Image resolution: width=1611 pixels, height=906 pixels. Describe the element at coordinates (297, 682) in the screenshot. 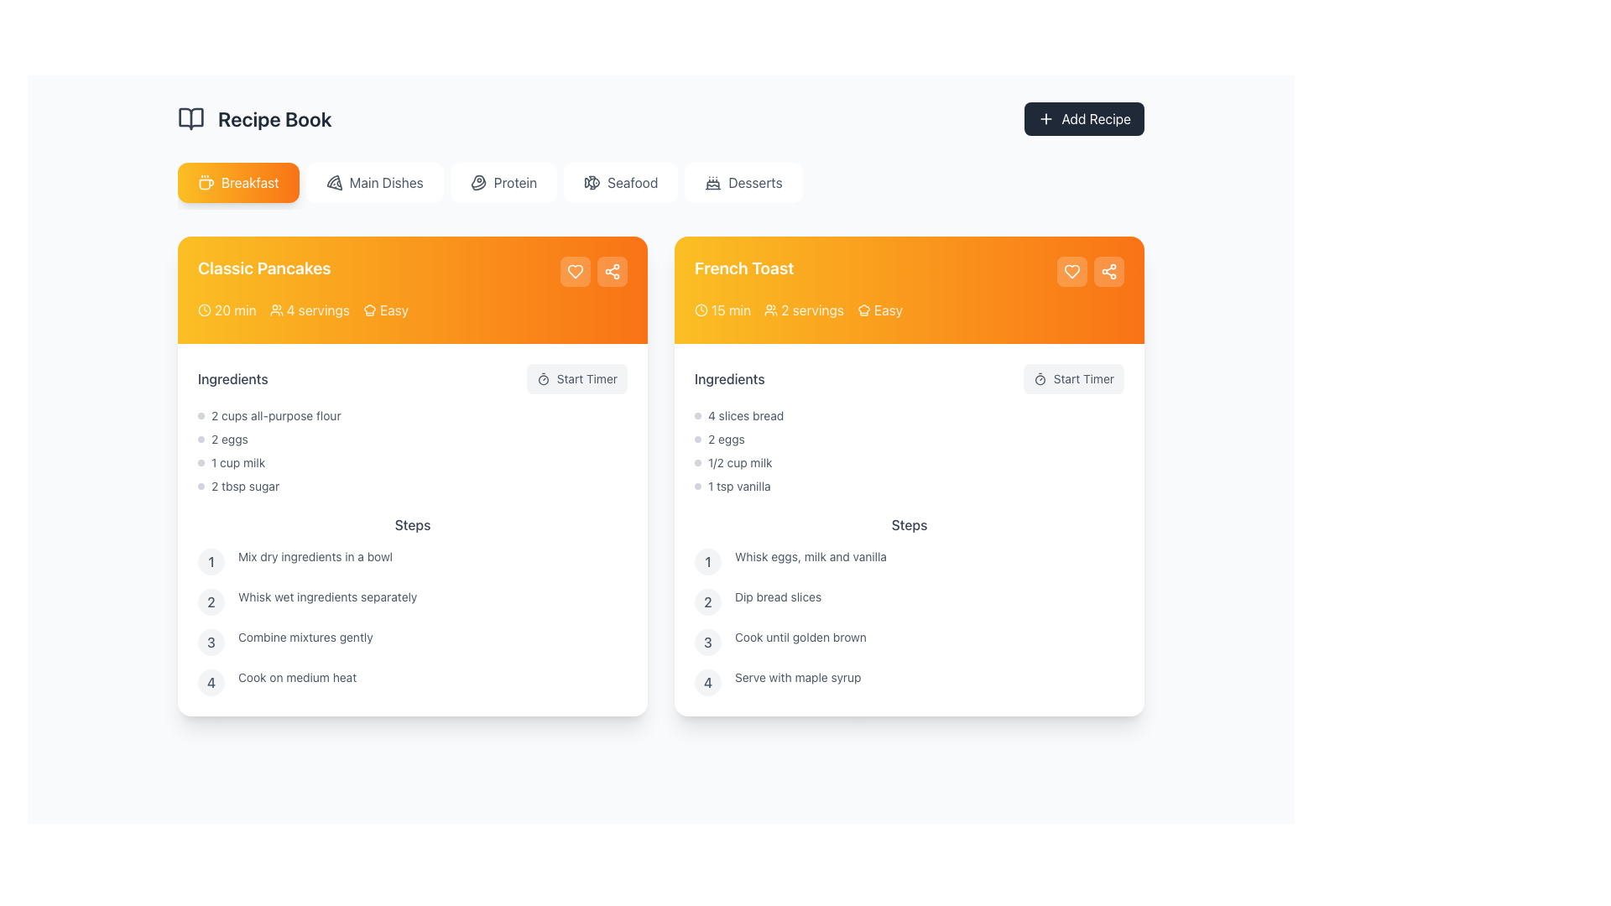

I see `the plain gray text displaying 'Cook on medium heat', which is the fourth step in the instructions list under the 'Classic Pancakes' recipe card in the 'Recipe Book' application` at that location.